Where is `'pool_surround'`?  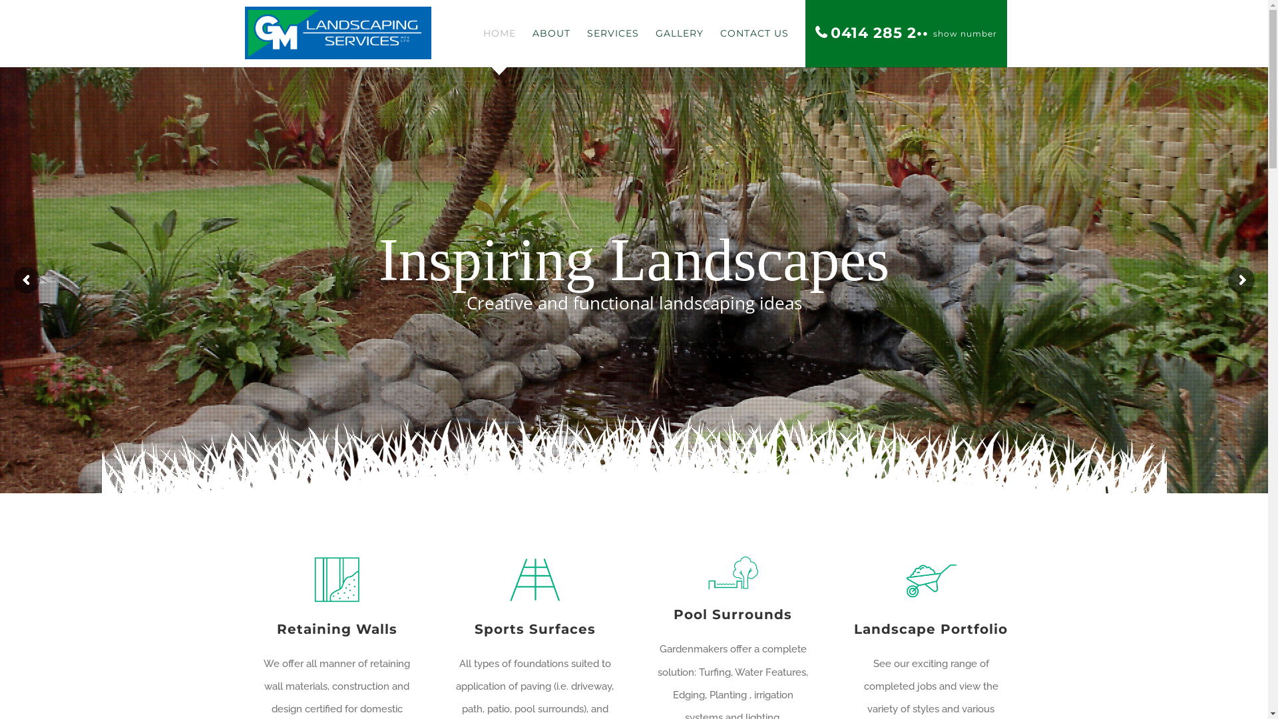 'pool_surround' is located at coordinates (732, 572).